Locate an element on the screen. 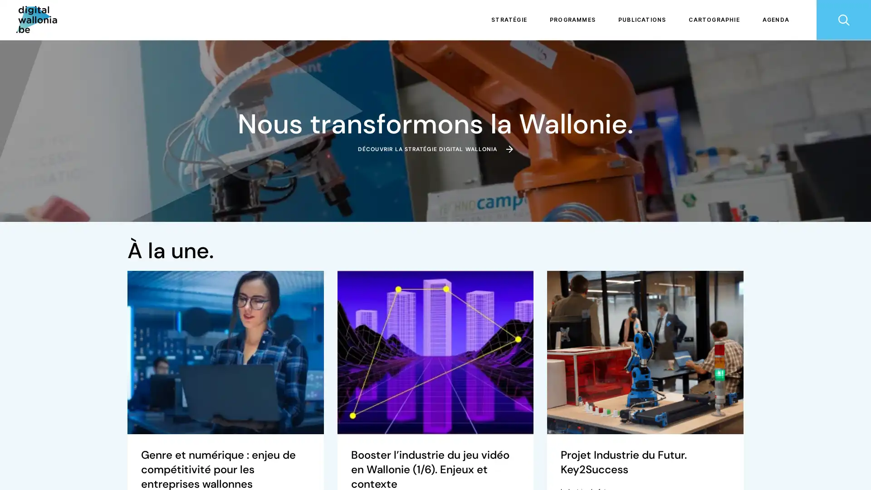  Je choisis is located at coordinates (104, 444).